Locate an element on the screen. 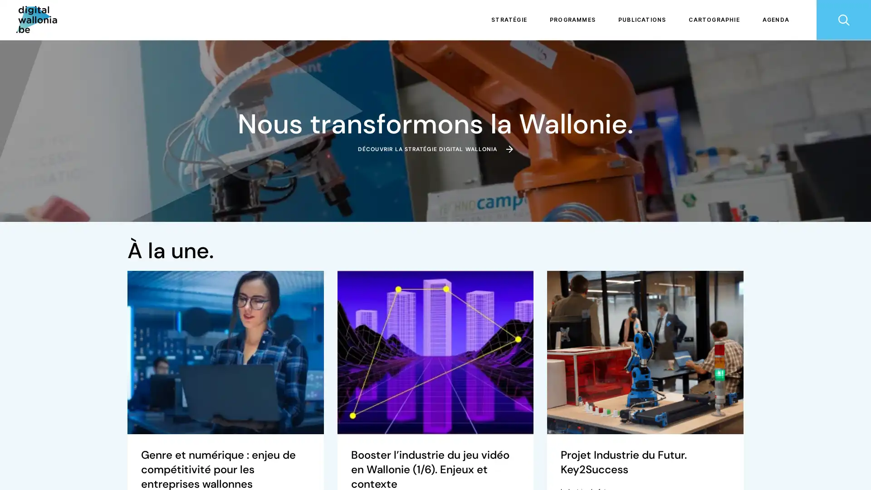  Je choisis is located at coordinates (104, 444).